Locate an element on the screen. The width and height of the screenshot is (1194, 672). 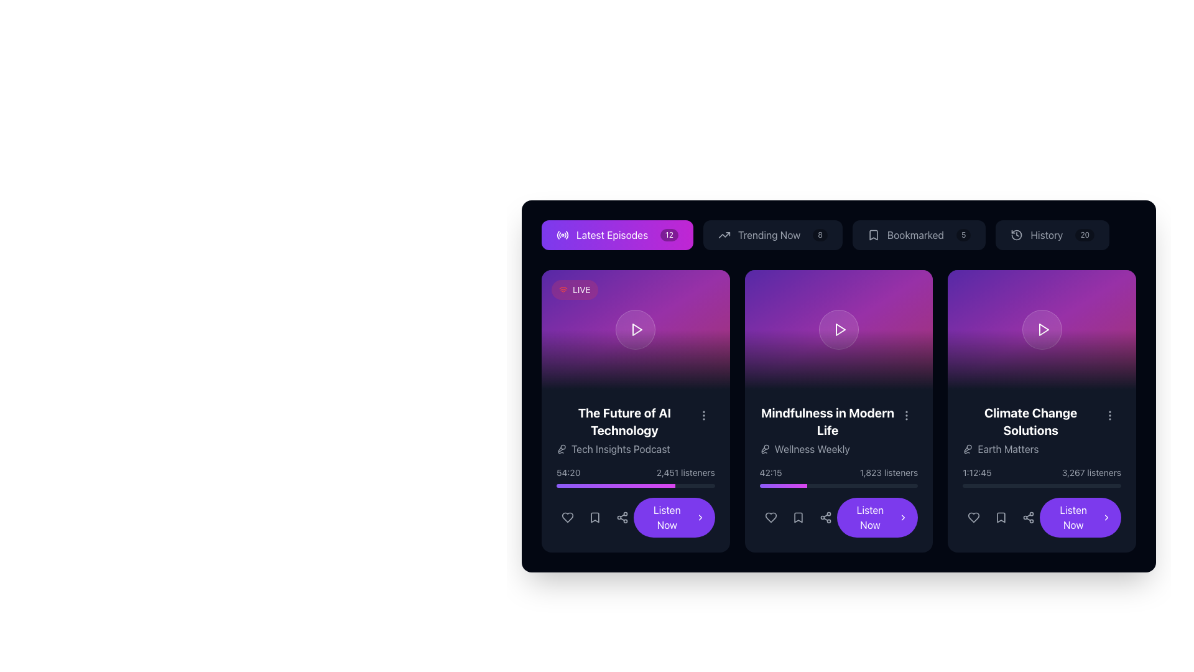
the play button icon (SVG Triangle) is located at coordinates (841, 329).